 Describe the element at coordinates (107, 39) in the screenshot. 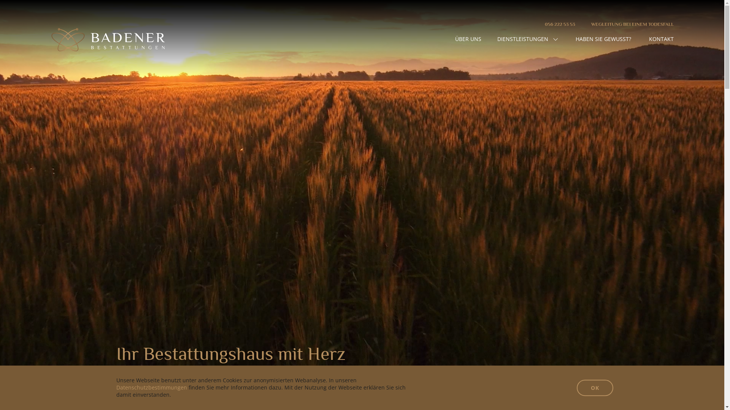

I see `'Home - Badener Bestattungen'` at that location.